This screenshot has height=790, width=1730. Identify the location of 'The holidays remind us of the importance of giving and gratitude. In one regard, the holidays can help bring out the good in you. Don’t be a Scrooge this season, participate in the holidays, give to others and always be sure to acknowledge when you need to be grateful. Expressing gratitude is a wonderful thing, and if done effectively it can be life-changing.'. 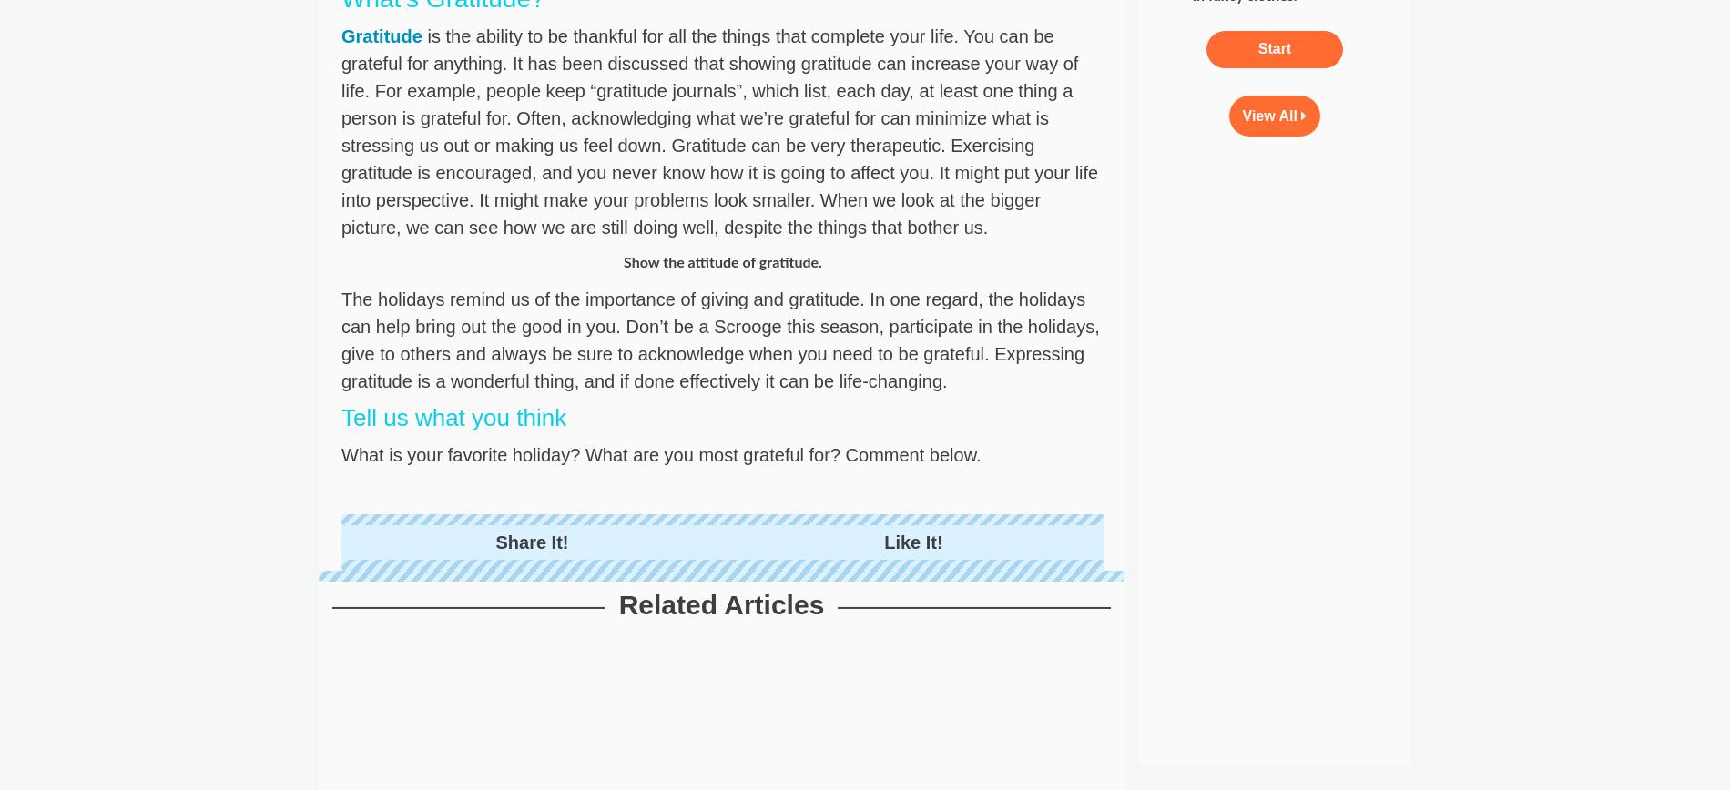
(718, 339).